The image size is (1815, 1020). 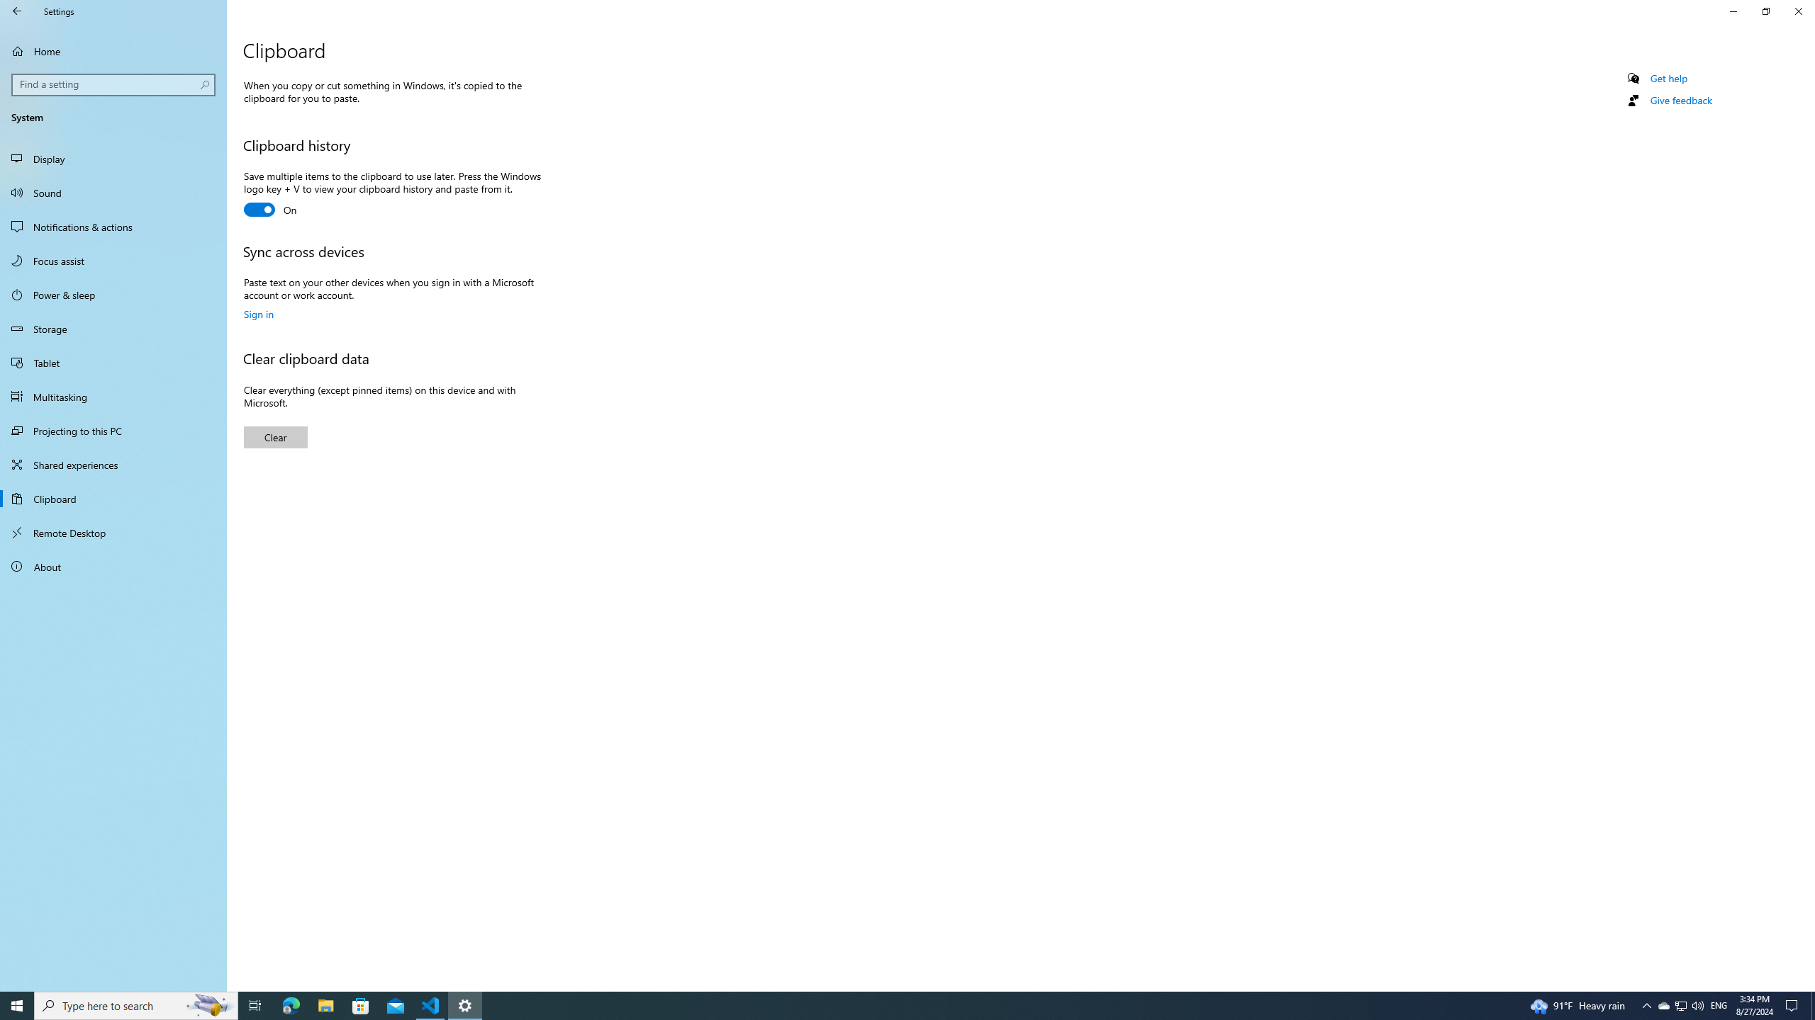 I want to click on 'Search box, Find a setting', so click(x=113, y=84).